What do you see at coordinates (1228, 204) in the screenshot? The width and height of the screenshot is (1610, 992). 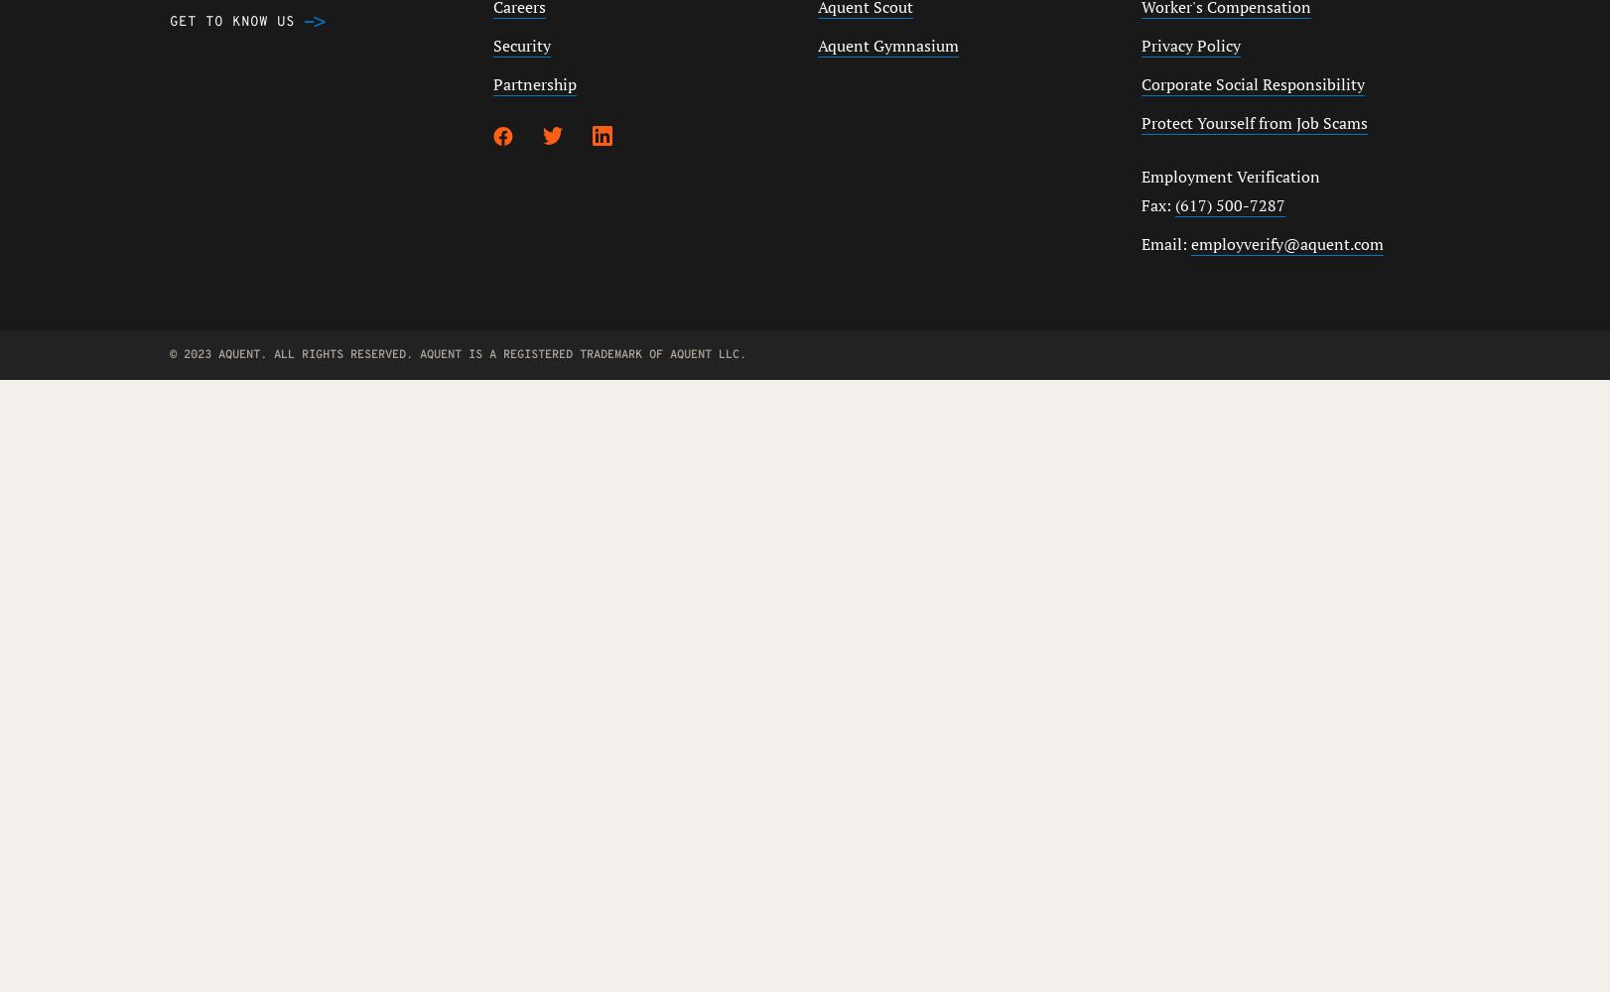 I see `'(617) 500-7287'` at bounding box center [1228, 204].